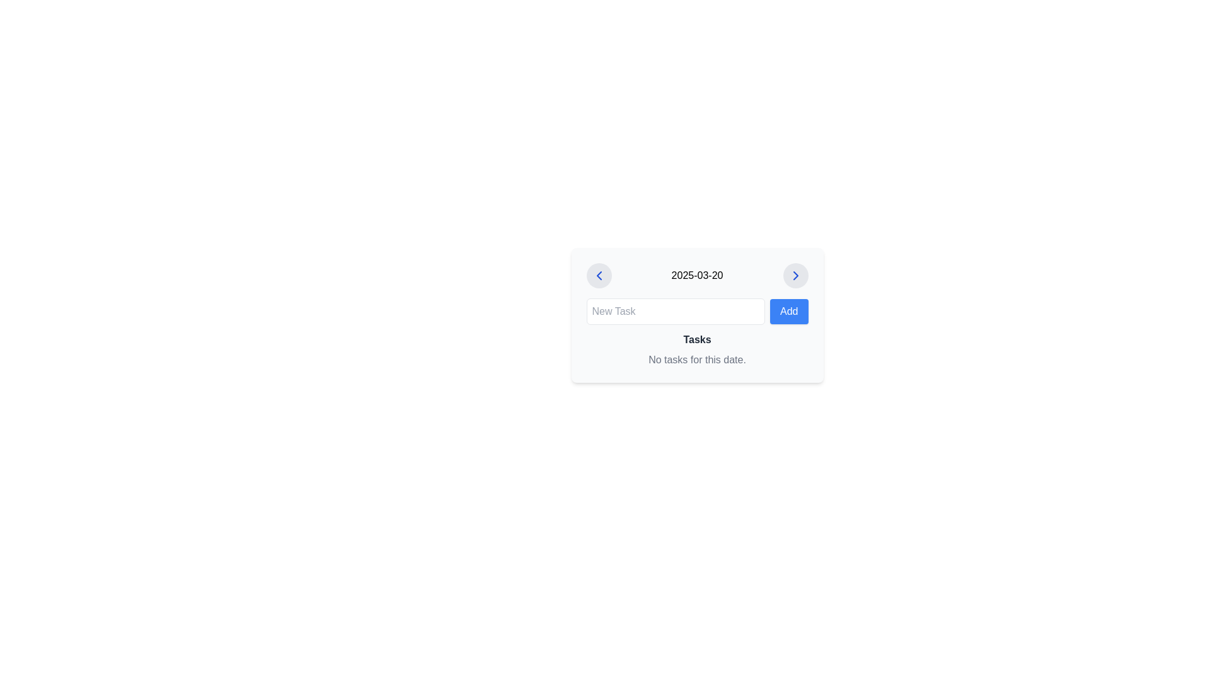  Describe the element at coordinates (696, 340) in the screenshot. I see `the text header labeled 'Tasks', which is bold, dark gray, and larger than the text below it, positioned near the center of the interface panel` at that location.